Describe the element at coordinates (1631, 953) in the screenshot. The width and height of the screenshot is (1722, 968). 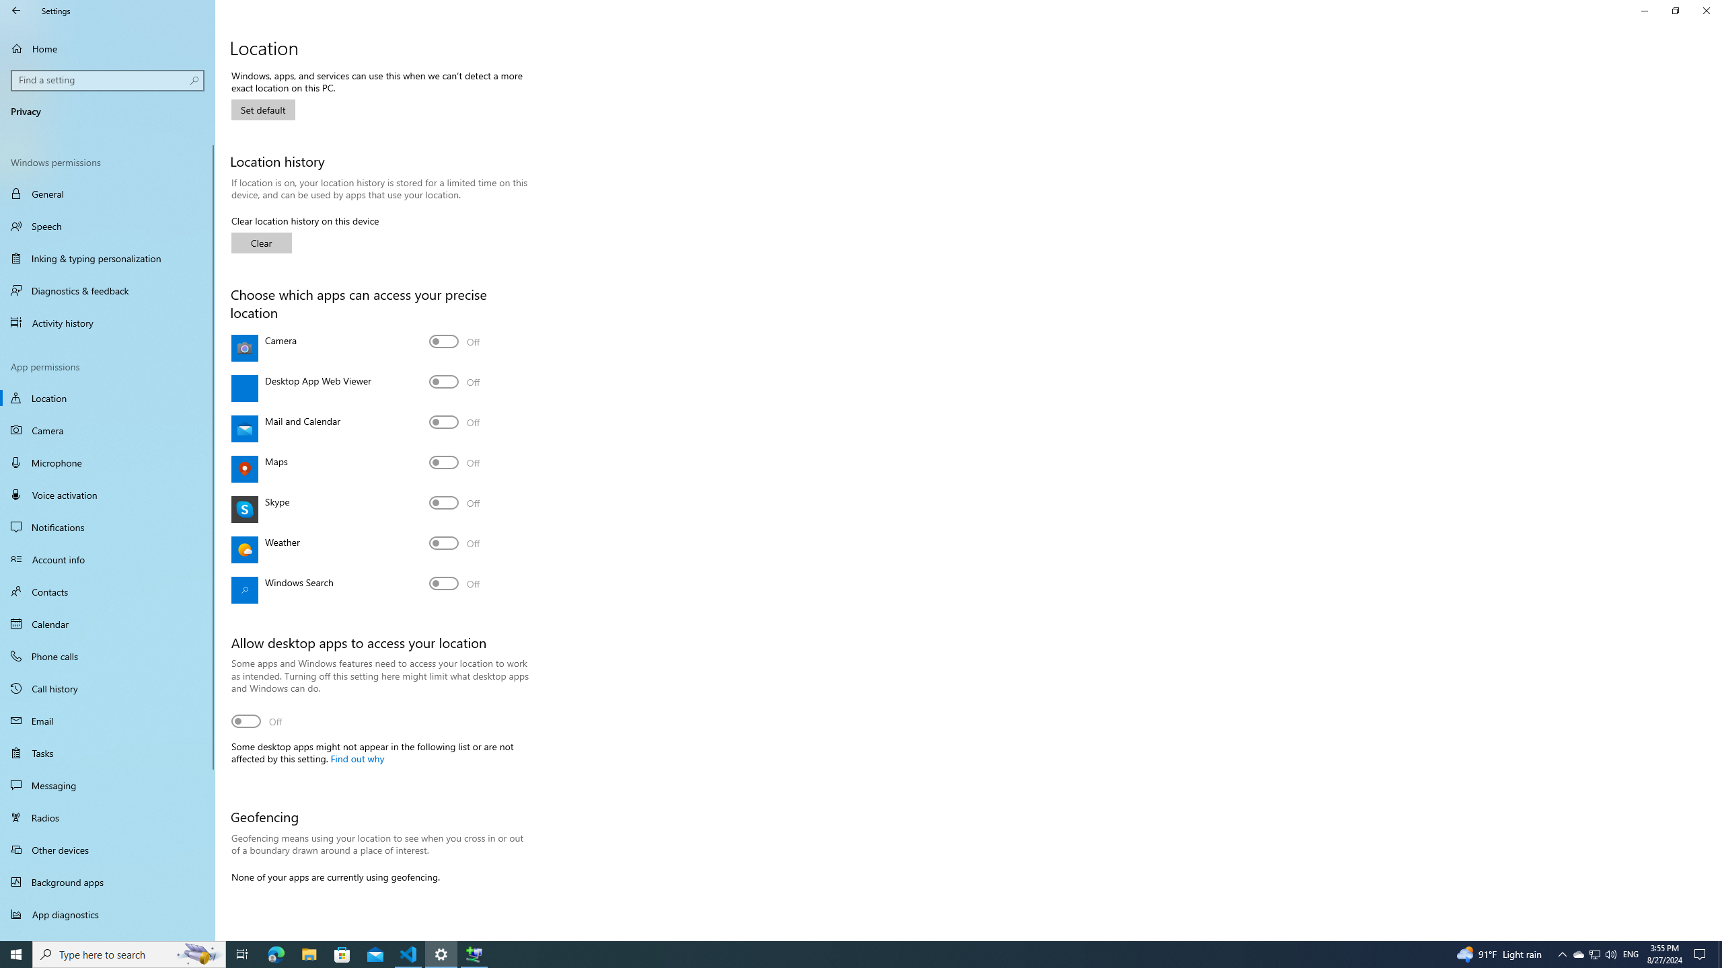
I see `'Tray Input Indicator - English (United States)'` at that location.